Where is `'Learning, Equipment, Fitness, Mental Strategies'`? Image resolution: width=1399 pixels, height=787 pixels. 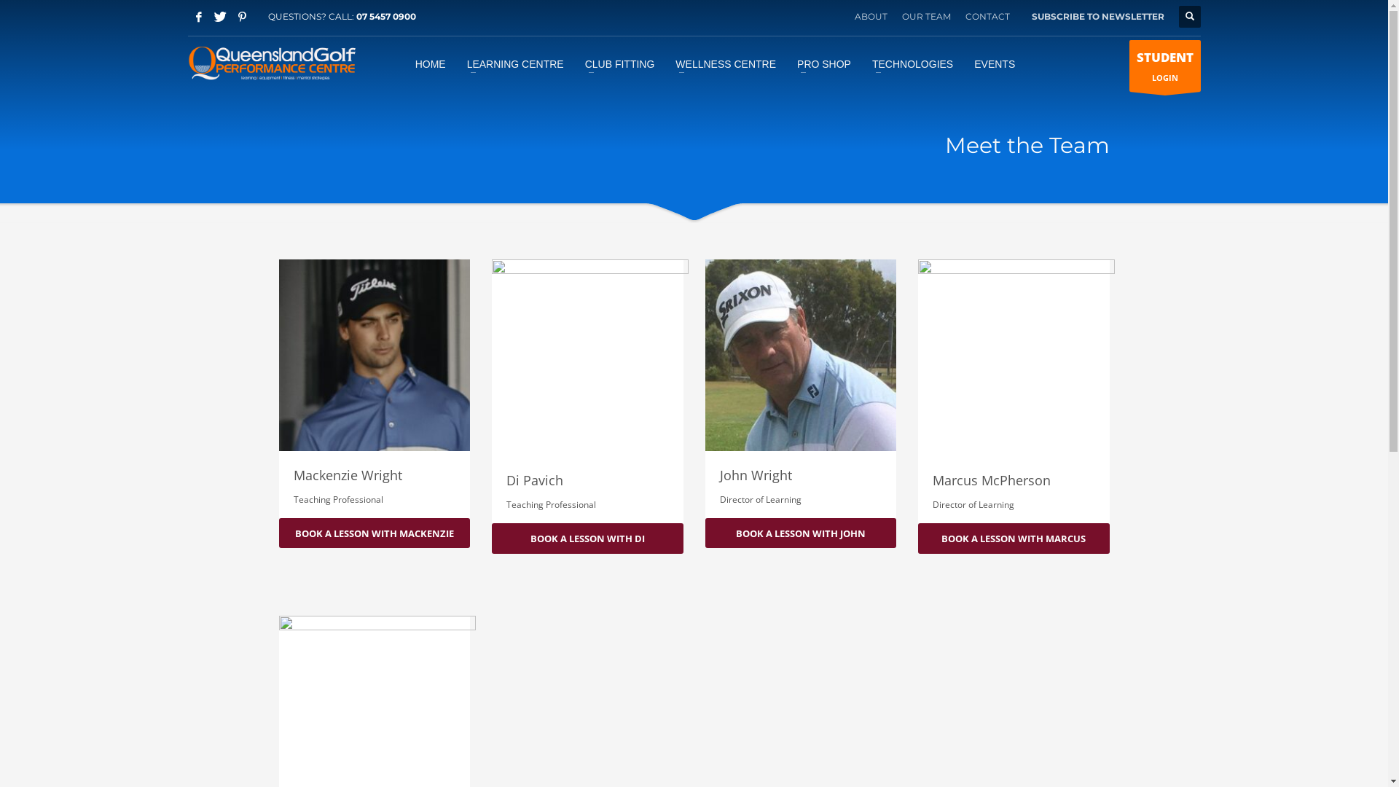 'Learning, Equipment, Fitness, Mental Strategies' is located at coordinates (187, 63).